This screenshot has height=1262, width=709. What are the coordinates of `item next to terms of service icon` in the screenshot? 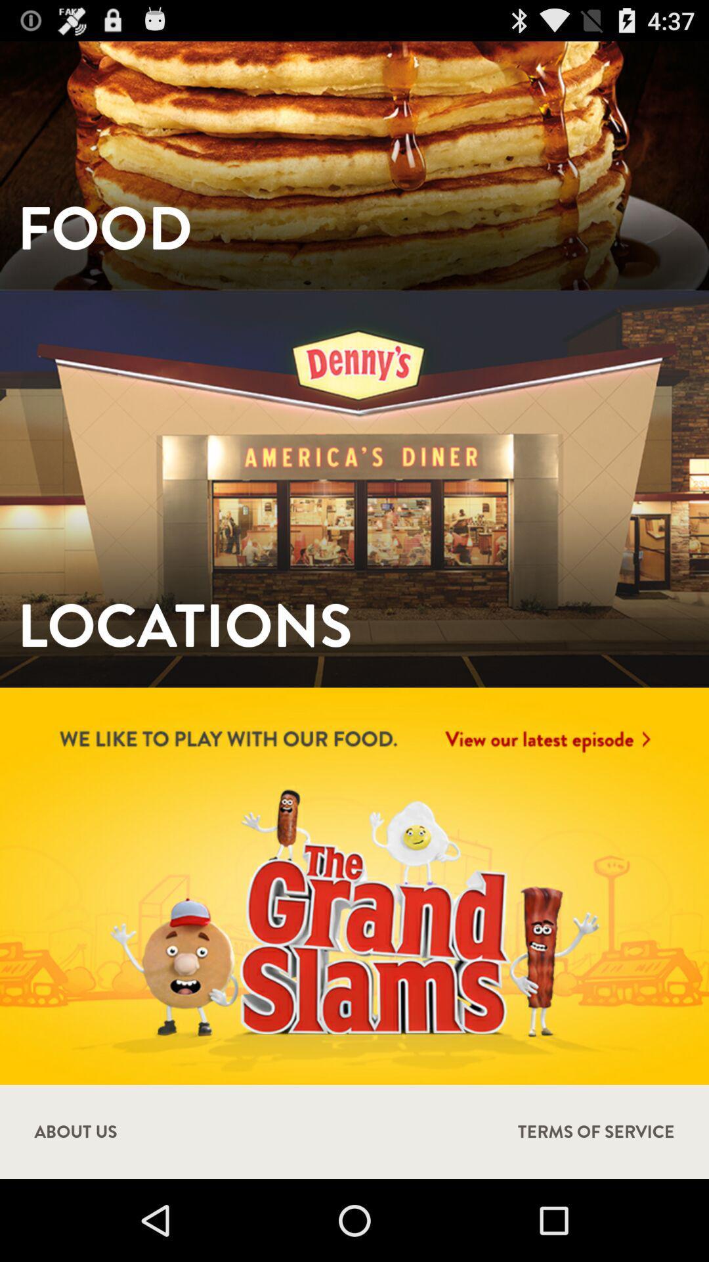 It's located at (75, 1131).